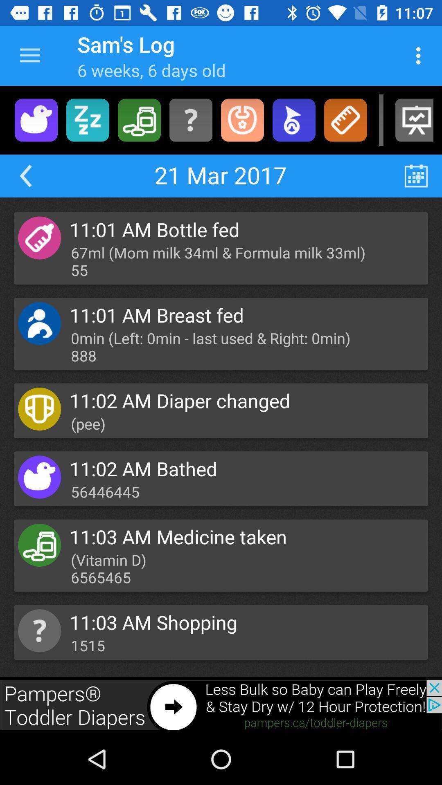 Image resolution: width=442 pixels, height=785 pixels. Describe the element at coordinates (88, 119) in the screenshot. I see `nap time button` at that location.